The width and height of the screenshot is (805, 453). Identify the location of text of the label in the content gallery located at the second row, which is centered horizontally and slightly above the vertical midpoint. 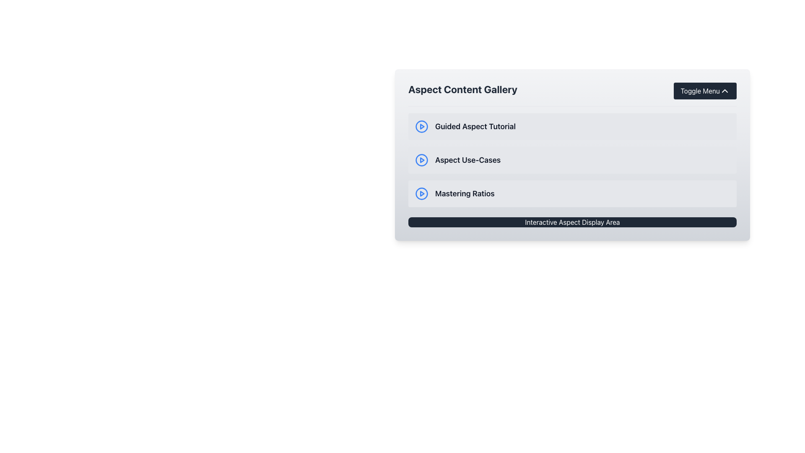
(467, 160).